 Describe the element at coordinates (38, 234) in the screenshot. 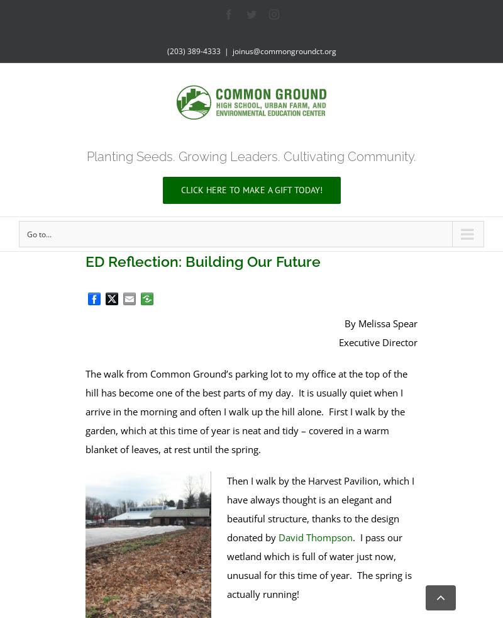

I see `'Go to...'` at that location.